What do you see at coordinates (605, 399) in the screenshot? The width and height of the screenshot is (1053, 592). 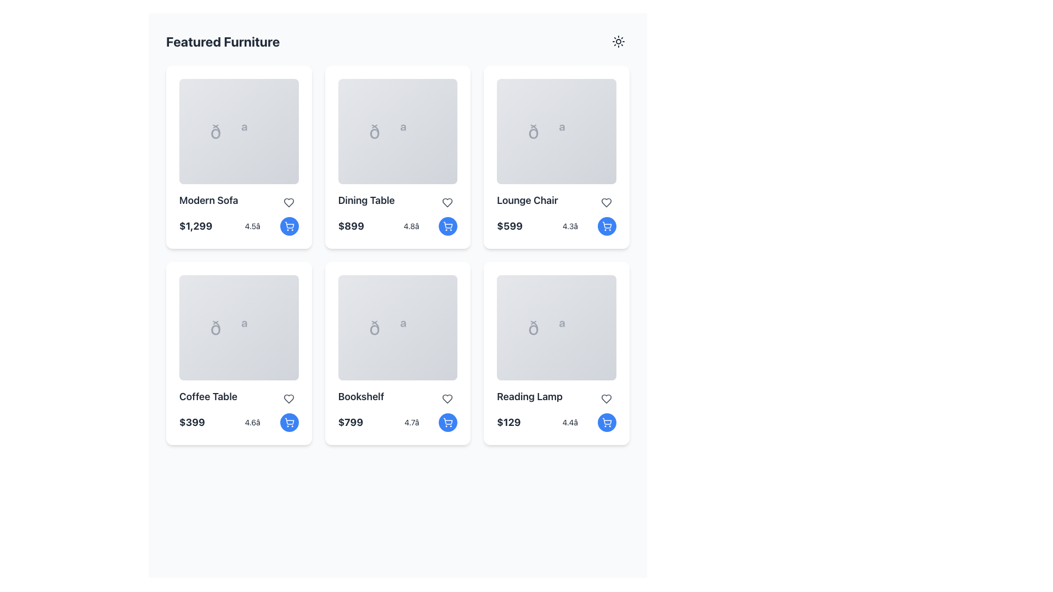 I see `the heart icon located at the bottom right of the 'Reading Lamp' card` at bounding box center [605, 399].